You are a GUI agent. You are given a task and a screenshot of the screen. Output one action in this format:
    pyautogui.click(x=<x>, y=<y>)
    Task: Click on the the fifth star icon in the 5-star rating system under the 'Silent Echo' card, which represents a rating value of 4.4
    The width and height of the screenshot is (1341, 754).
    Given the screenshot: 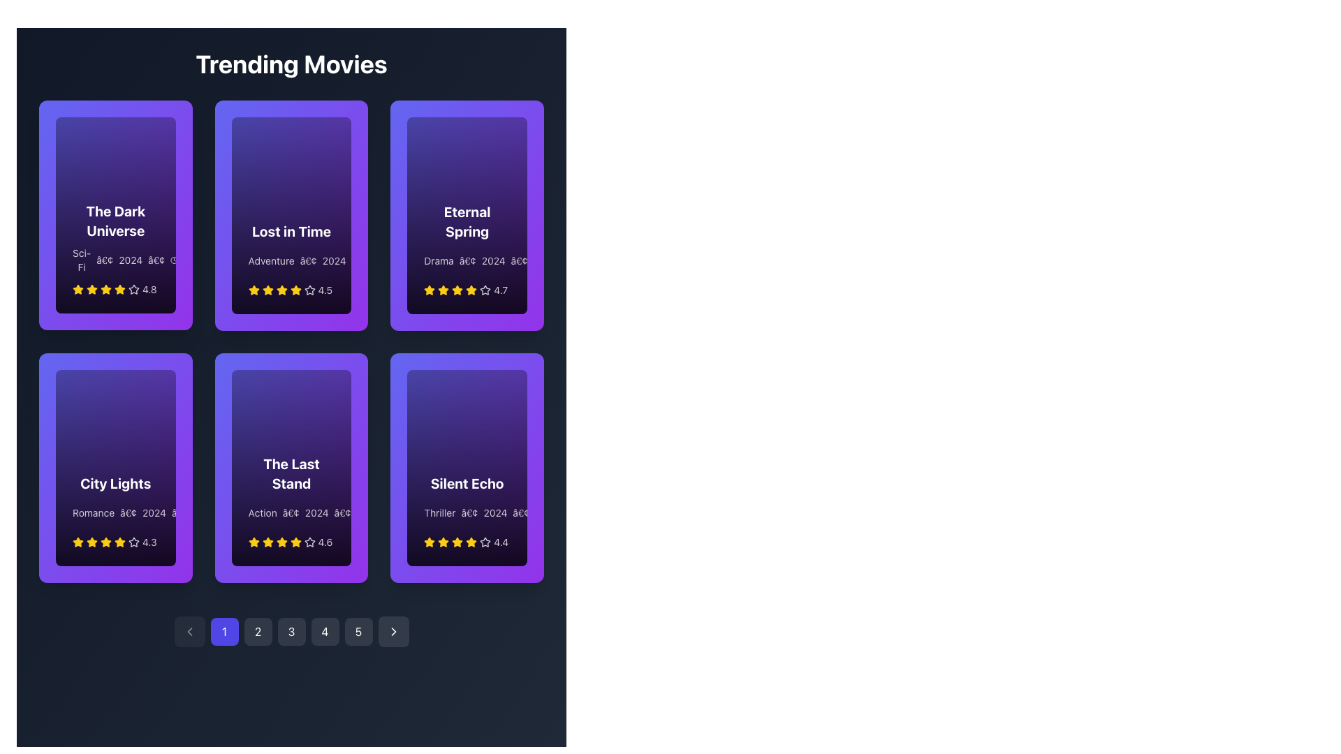 What is the action you would take?
    pyautogui.click(x=471, y=541)
    